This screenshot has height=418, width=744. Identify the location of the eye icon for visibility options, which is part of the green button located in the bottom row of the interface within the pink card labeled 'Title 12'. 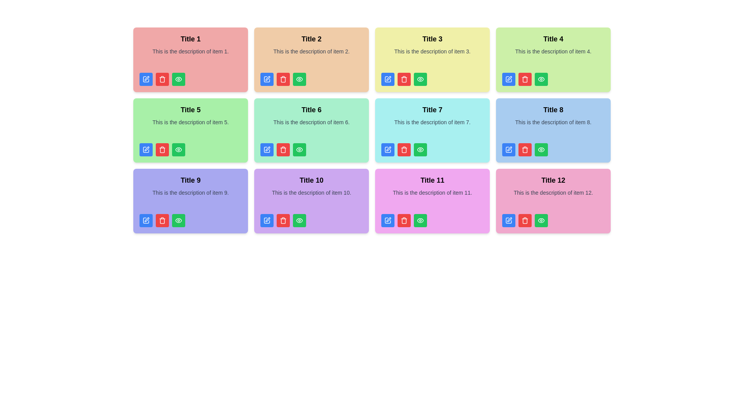
(541, 220).